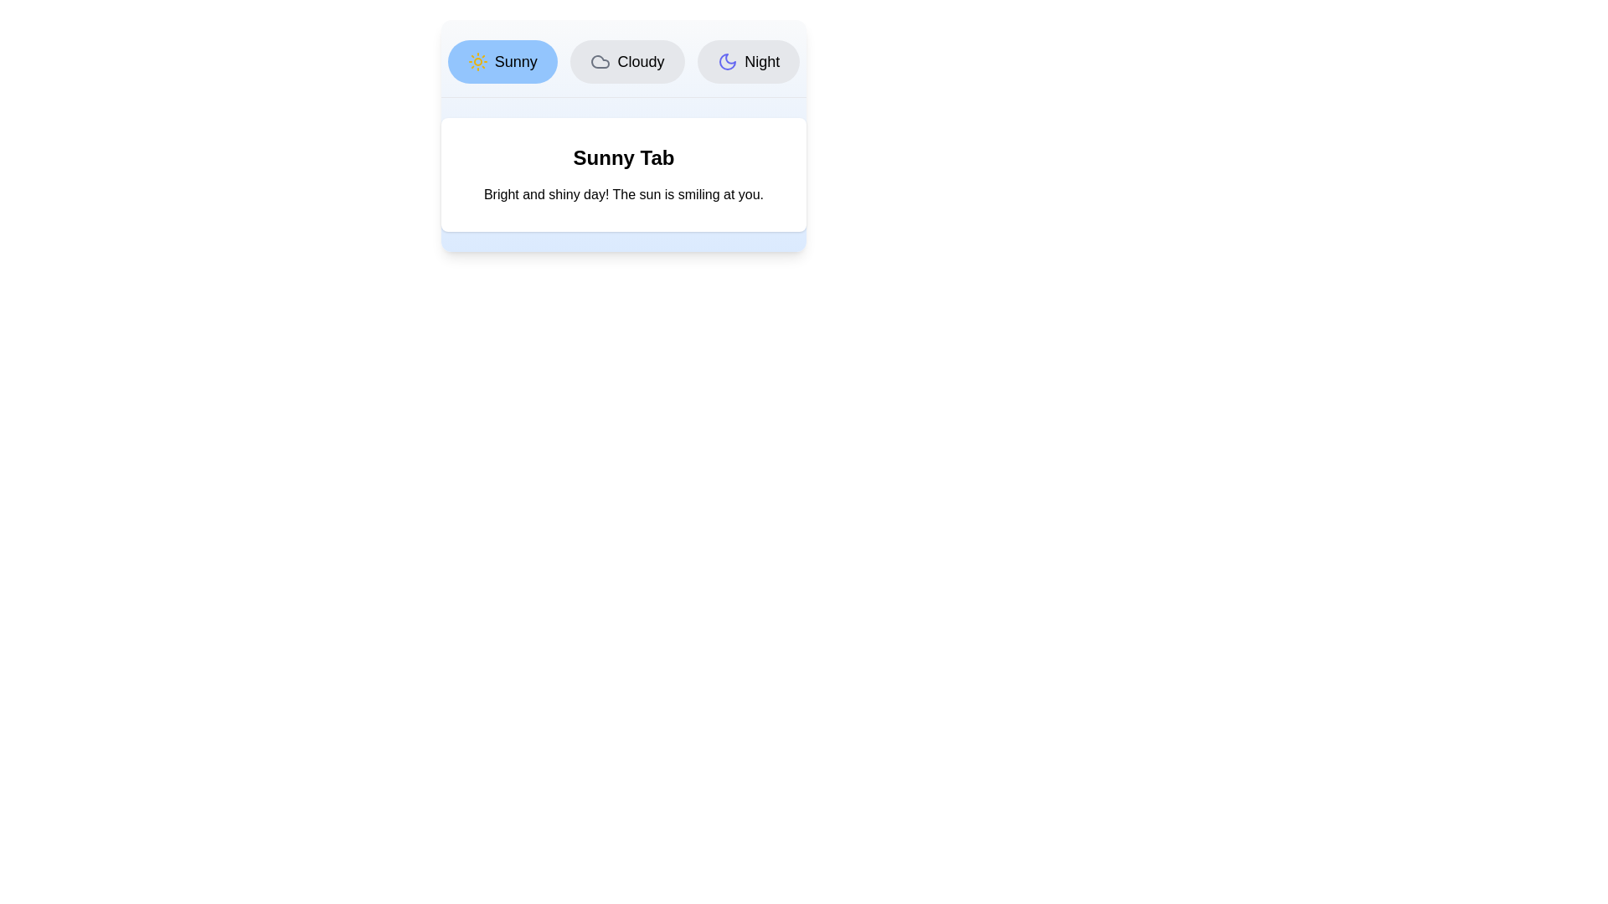 This screenshot has width=1608, height=904. What do you see at coordinates (747, 60) in the screenshot?
I see `the tab labeled Night to switch to the corresponding content` at bounding box center [747, 60].